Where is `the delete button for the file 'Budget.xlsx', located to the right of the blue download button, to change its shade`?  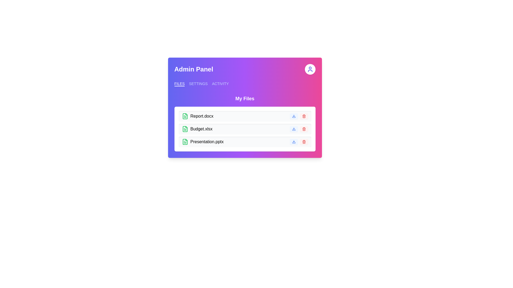
the delete button for the file 'Budget.xlsx', located to the right of the blue download button, to change its shade is located at coordinates (304, 129).